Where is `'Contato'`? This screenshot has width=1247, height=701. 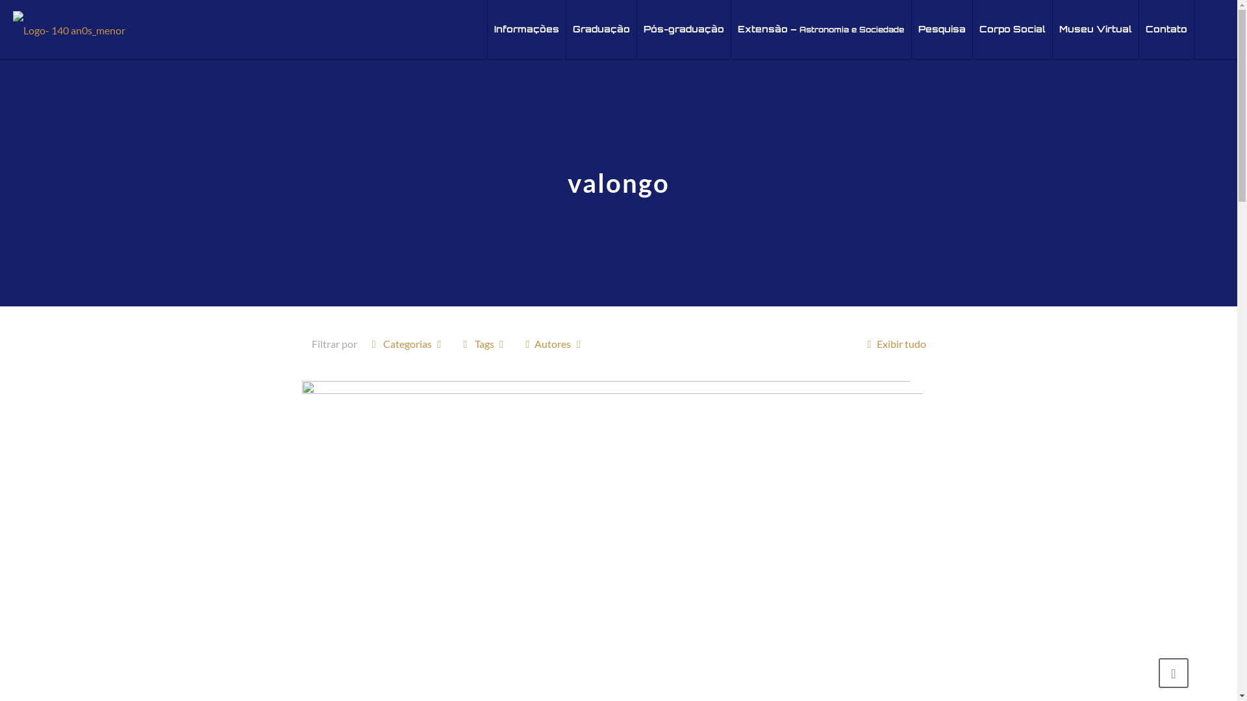
'Contato' is located at coordinates (1166, 29).